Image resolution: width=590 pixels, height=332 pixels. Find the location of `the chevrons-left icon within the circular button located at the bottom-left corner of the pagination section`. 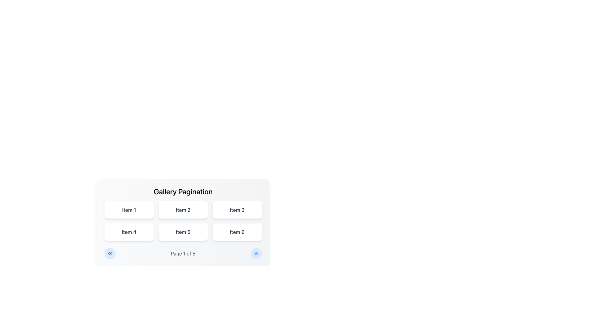

the chevrons-left icon within the circular button located at the bottom-left corner of the pagination section is located at coordinates (110, 254).